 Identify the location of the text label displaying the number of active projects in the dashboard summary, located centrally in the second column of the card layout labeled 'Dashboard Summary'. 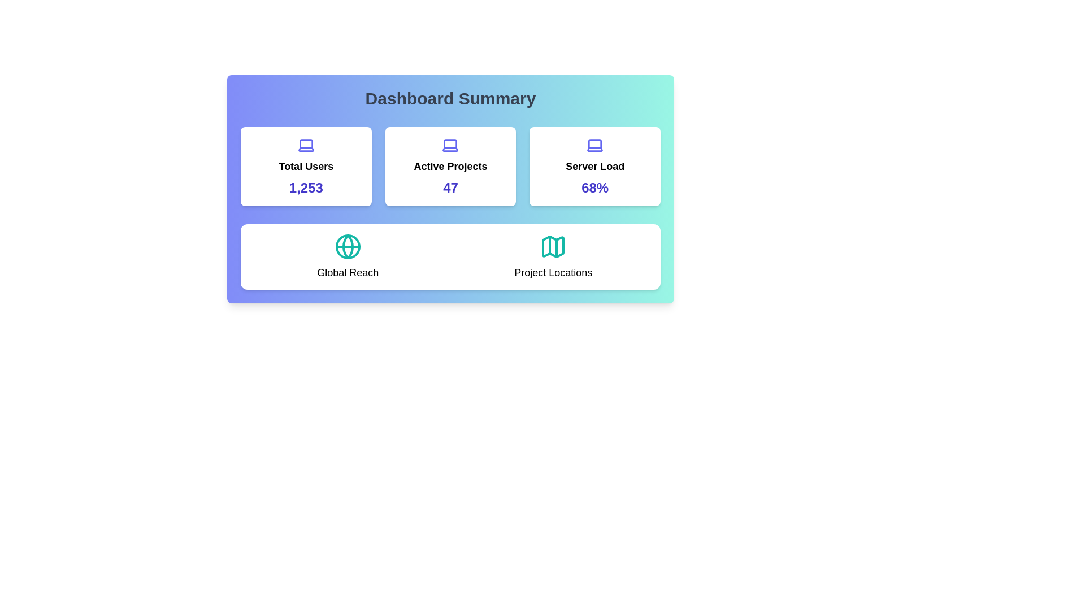
(450, 187).